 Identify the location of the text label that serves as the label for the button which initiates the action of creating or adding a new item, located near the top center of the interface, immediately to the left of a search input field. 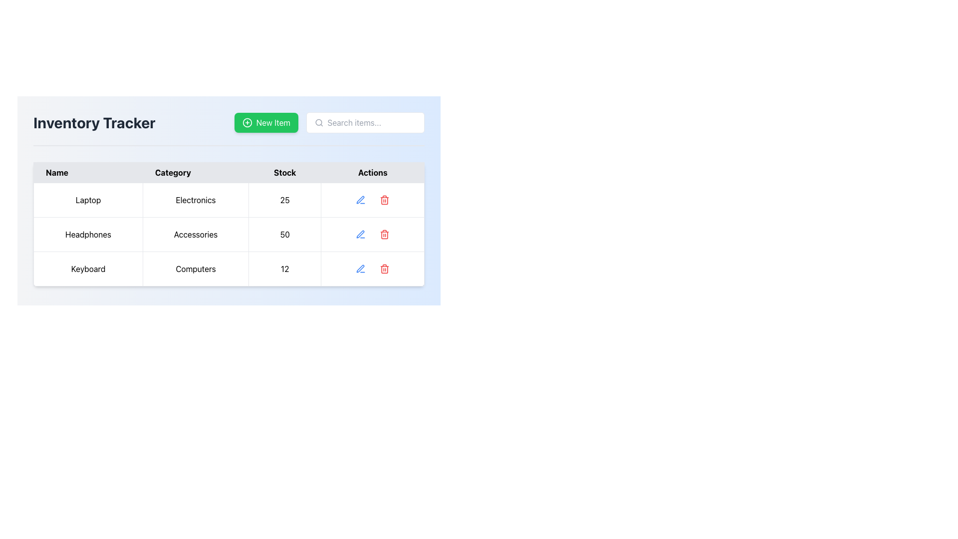
(273, 122).